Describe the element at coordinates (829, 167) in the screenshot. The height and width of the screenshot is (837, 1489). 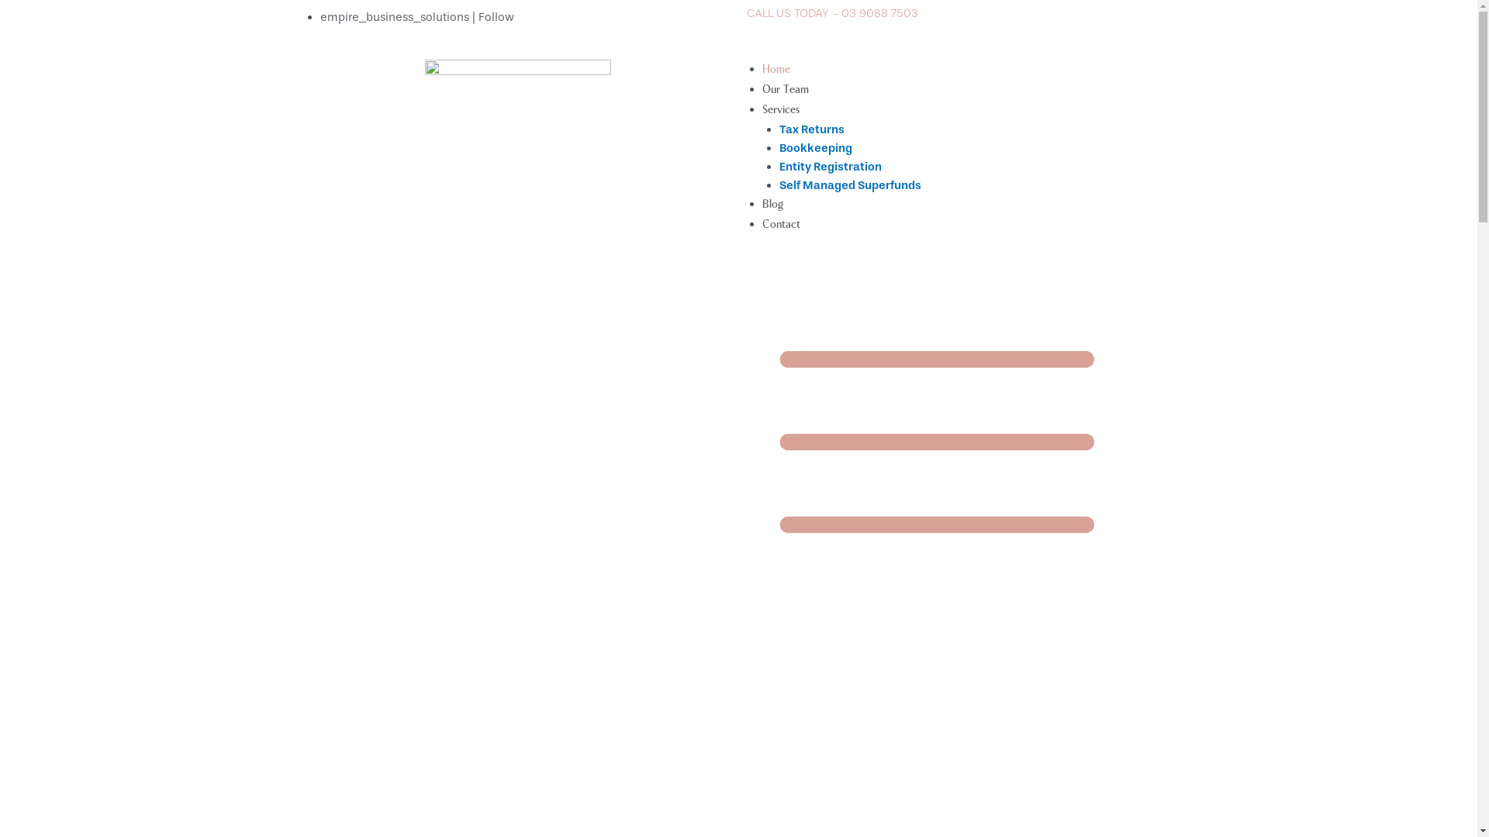
I see `'Entity Registration'` at that location.